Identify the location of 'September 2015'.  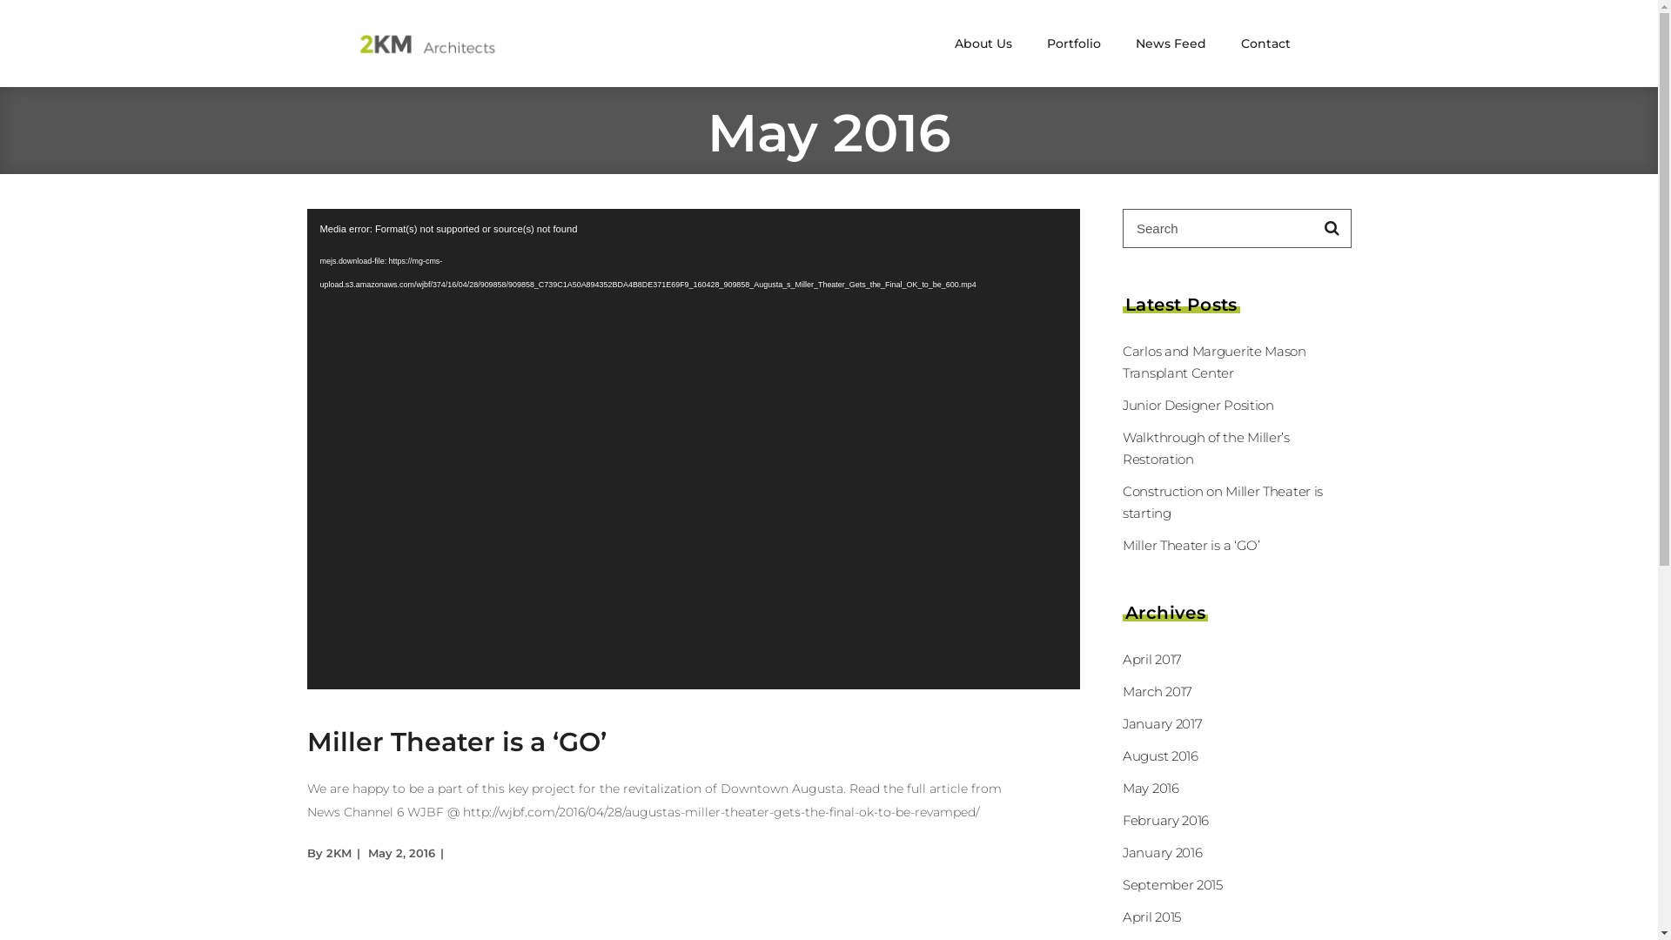
(1172, 884).